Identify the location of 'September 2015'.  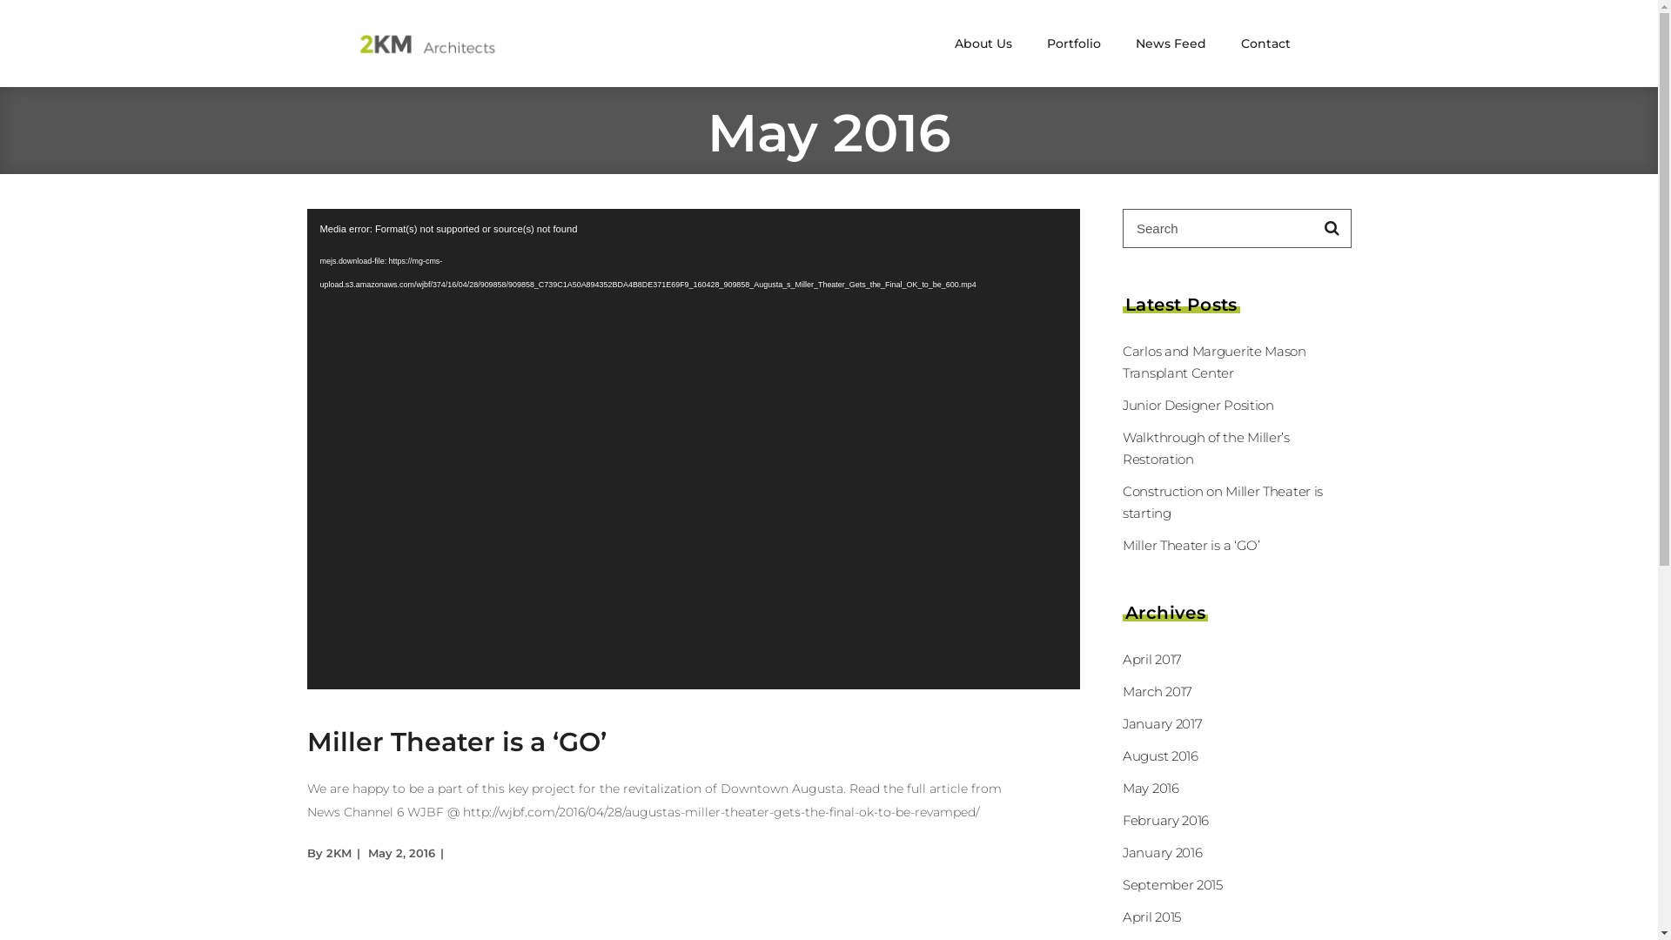
(1172, 884).